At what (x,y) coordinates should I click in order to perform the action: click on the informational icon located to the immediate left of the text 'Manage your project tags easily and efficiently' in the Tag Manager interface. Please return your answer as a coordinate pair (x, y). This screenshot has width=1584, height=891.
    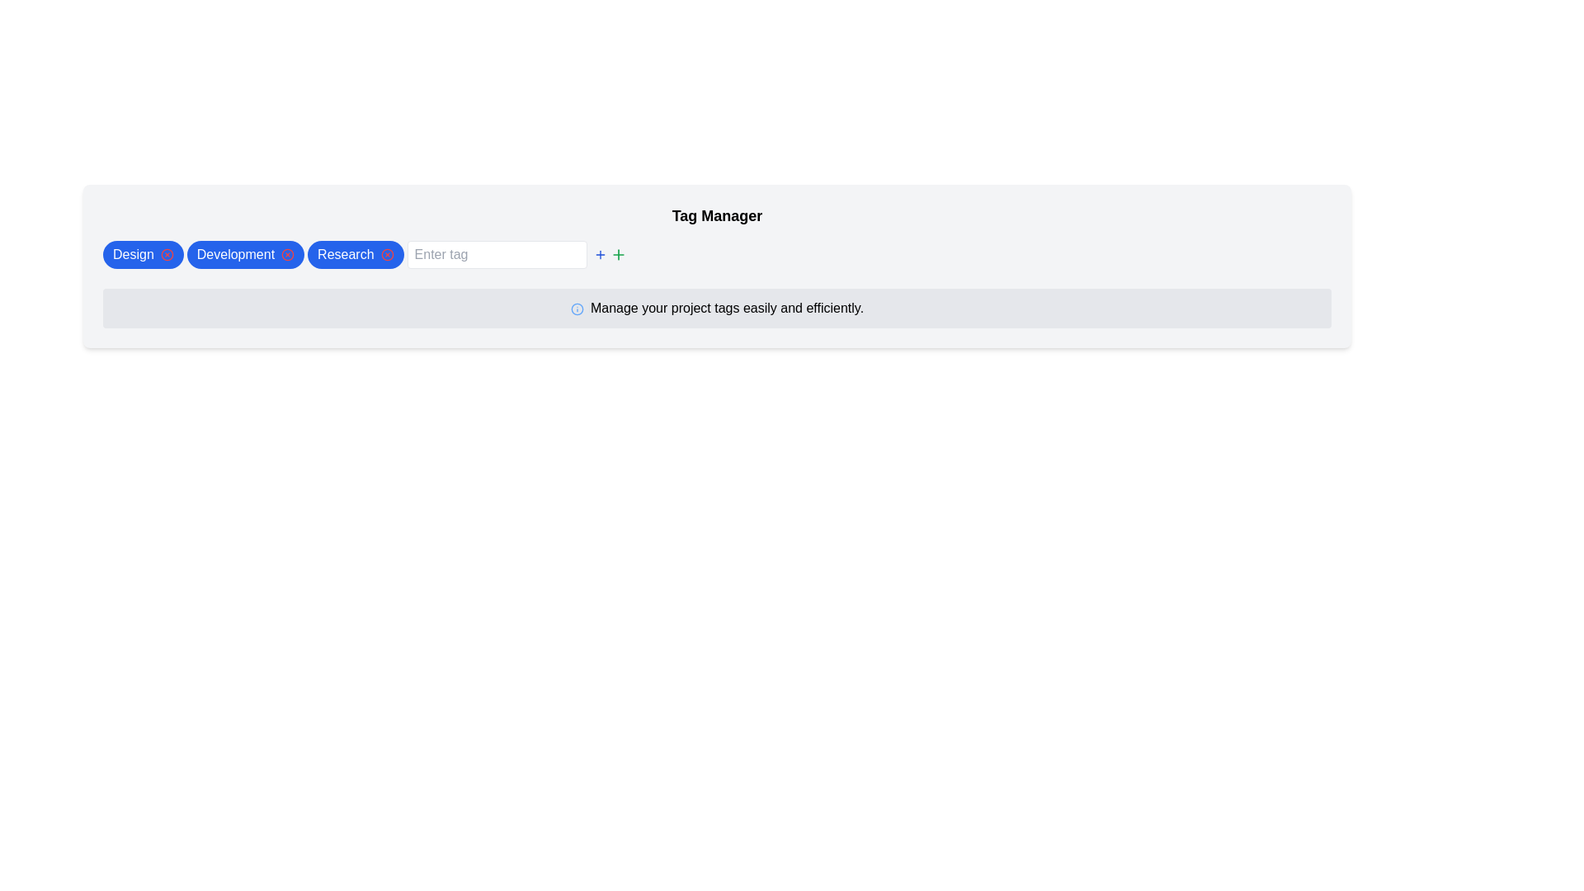
    Looking at the image, I should click on (577, 309).